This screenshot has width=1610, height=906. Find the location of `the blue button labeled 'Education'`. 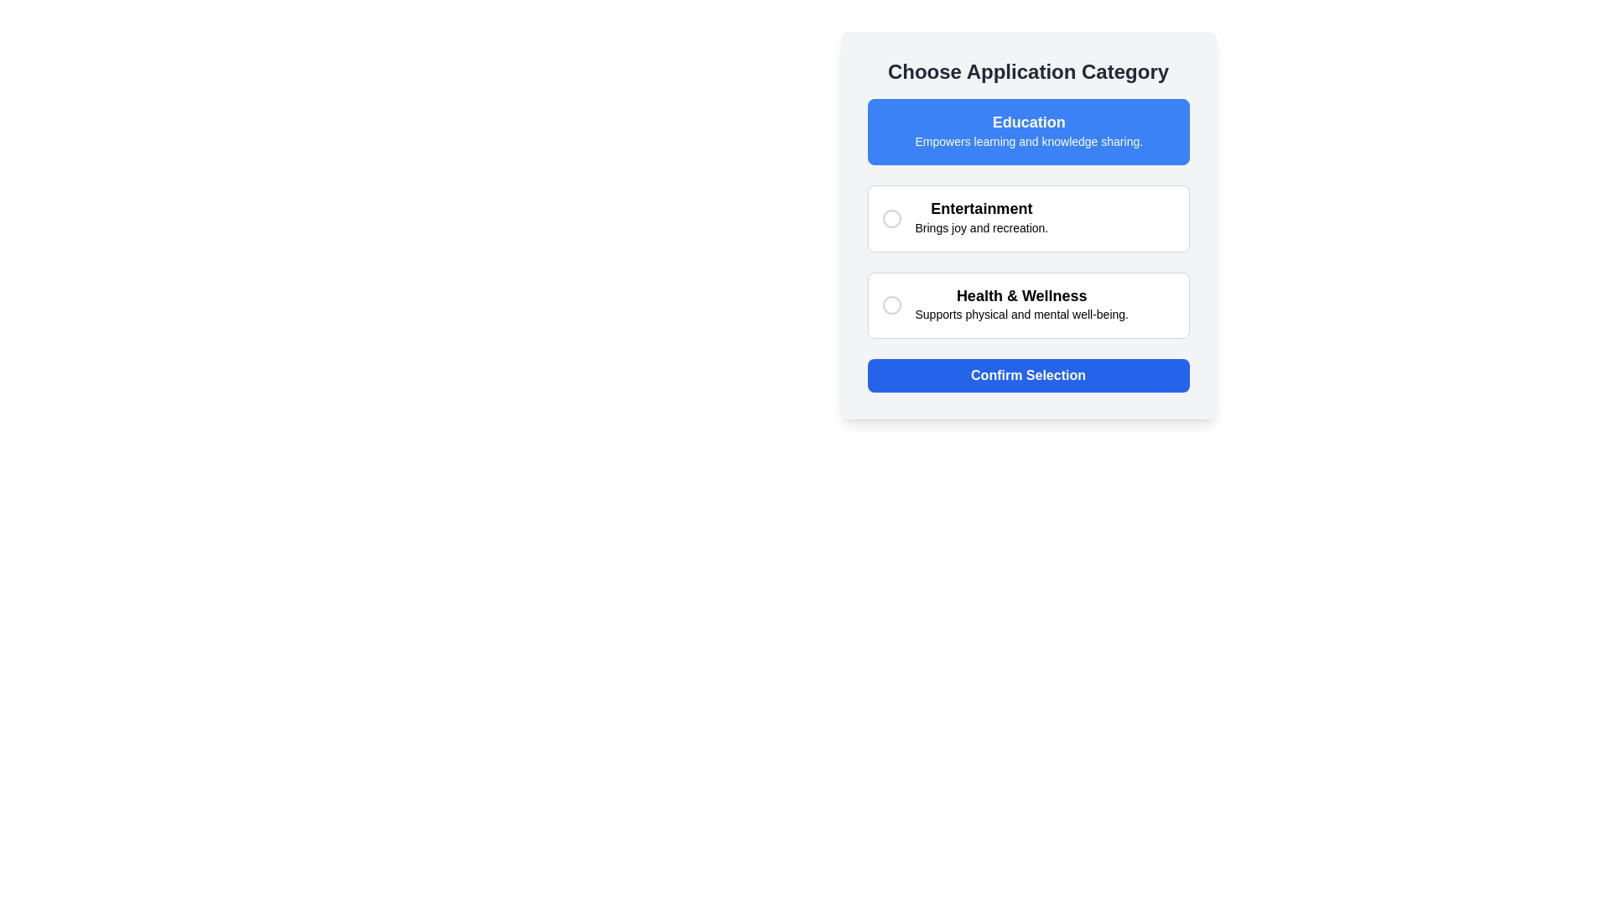

the blue button labeled 'Education' is located at coordinates (1027, 131).